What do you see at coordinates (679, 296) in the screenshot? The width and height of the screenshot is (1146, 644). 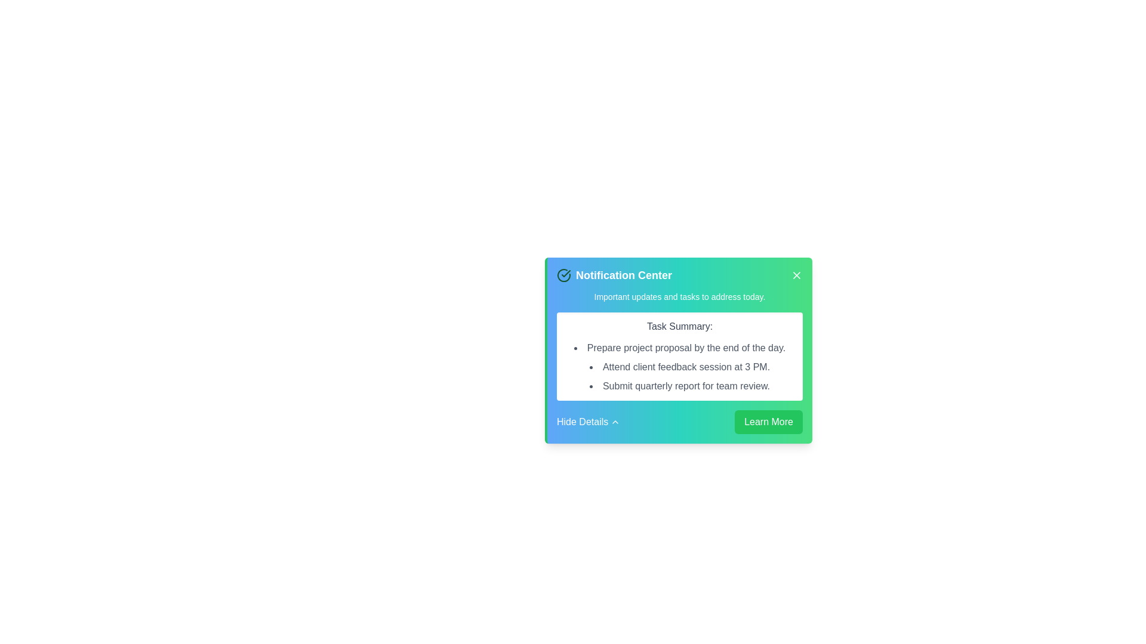 I see `the text block styled with a small font size and white color that contains the text 'Important updates and tasks to address today.' within the notification card` at bounding box center [679, 296].